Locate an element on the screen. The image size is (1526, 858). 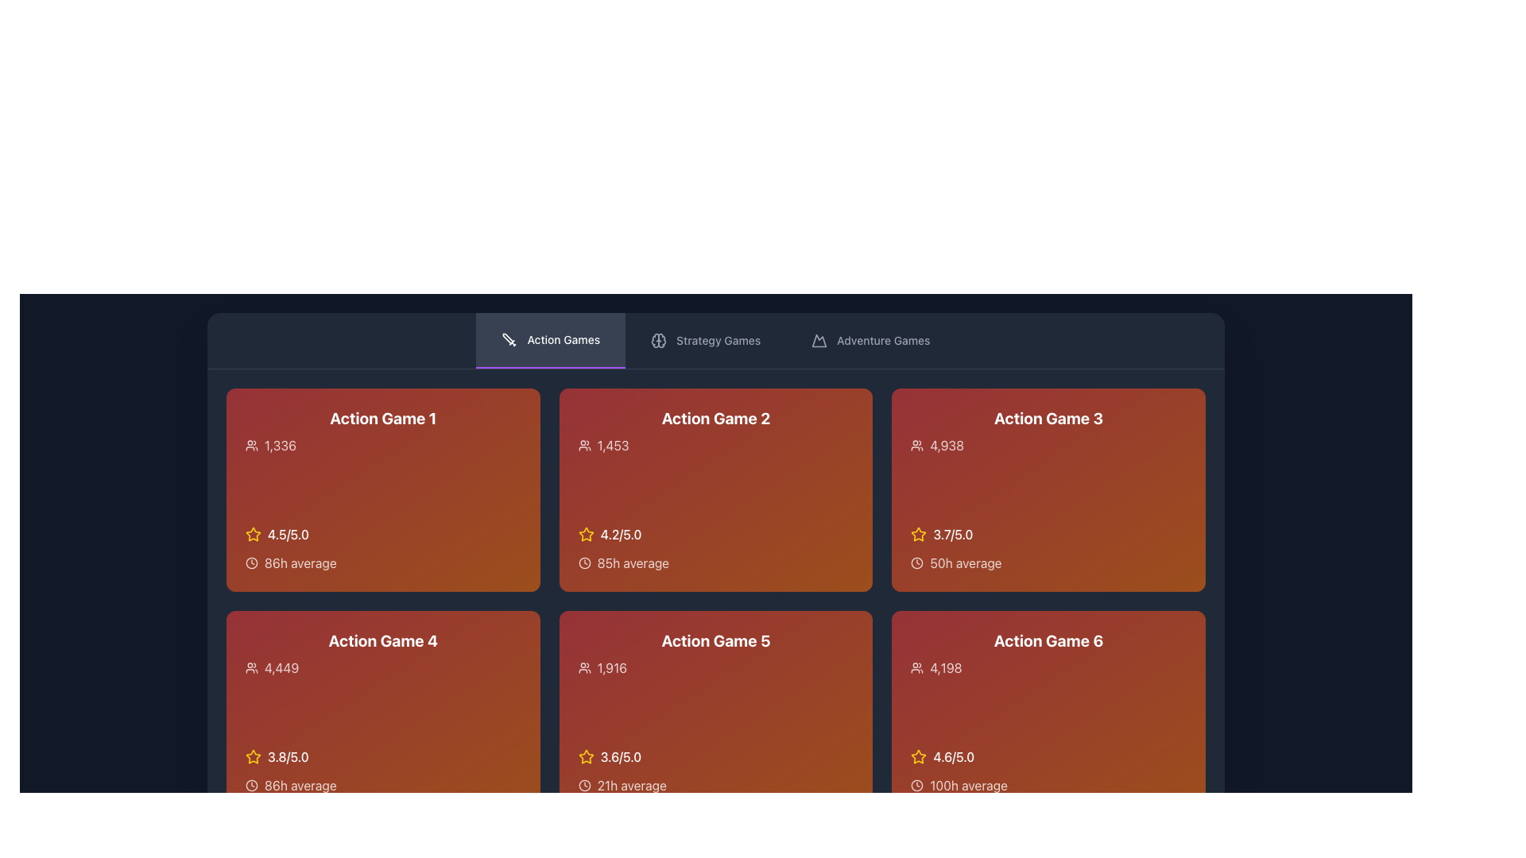
the mountain peak icon located in the 'Adventure Games' tab on the navigation bar, which is situated to the left of the 'Adventure Games' text is located at coordinates (819, 339).